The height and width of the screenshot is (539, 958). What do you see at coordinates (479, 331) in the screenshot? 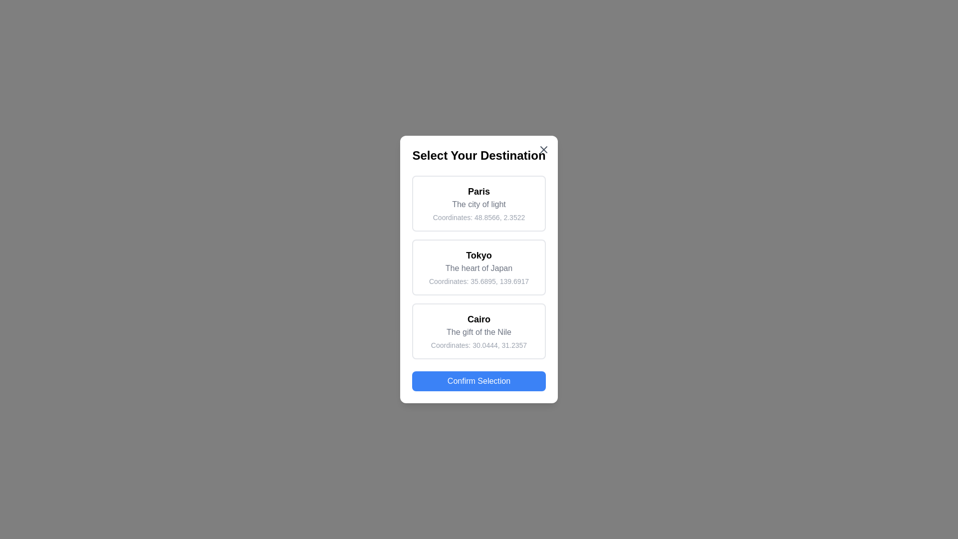
I see `the destination card for Cairo` at bounding box center [479, 331].